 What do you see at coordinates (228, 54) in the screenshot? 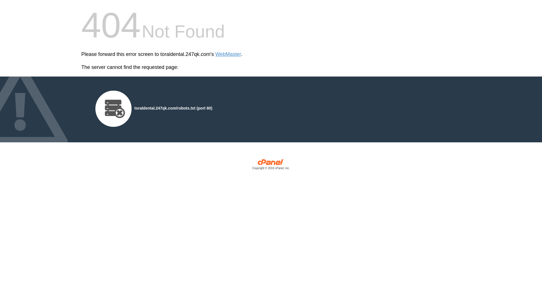
I see `'WebMaster'` at bounding box center [228, 54].